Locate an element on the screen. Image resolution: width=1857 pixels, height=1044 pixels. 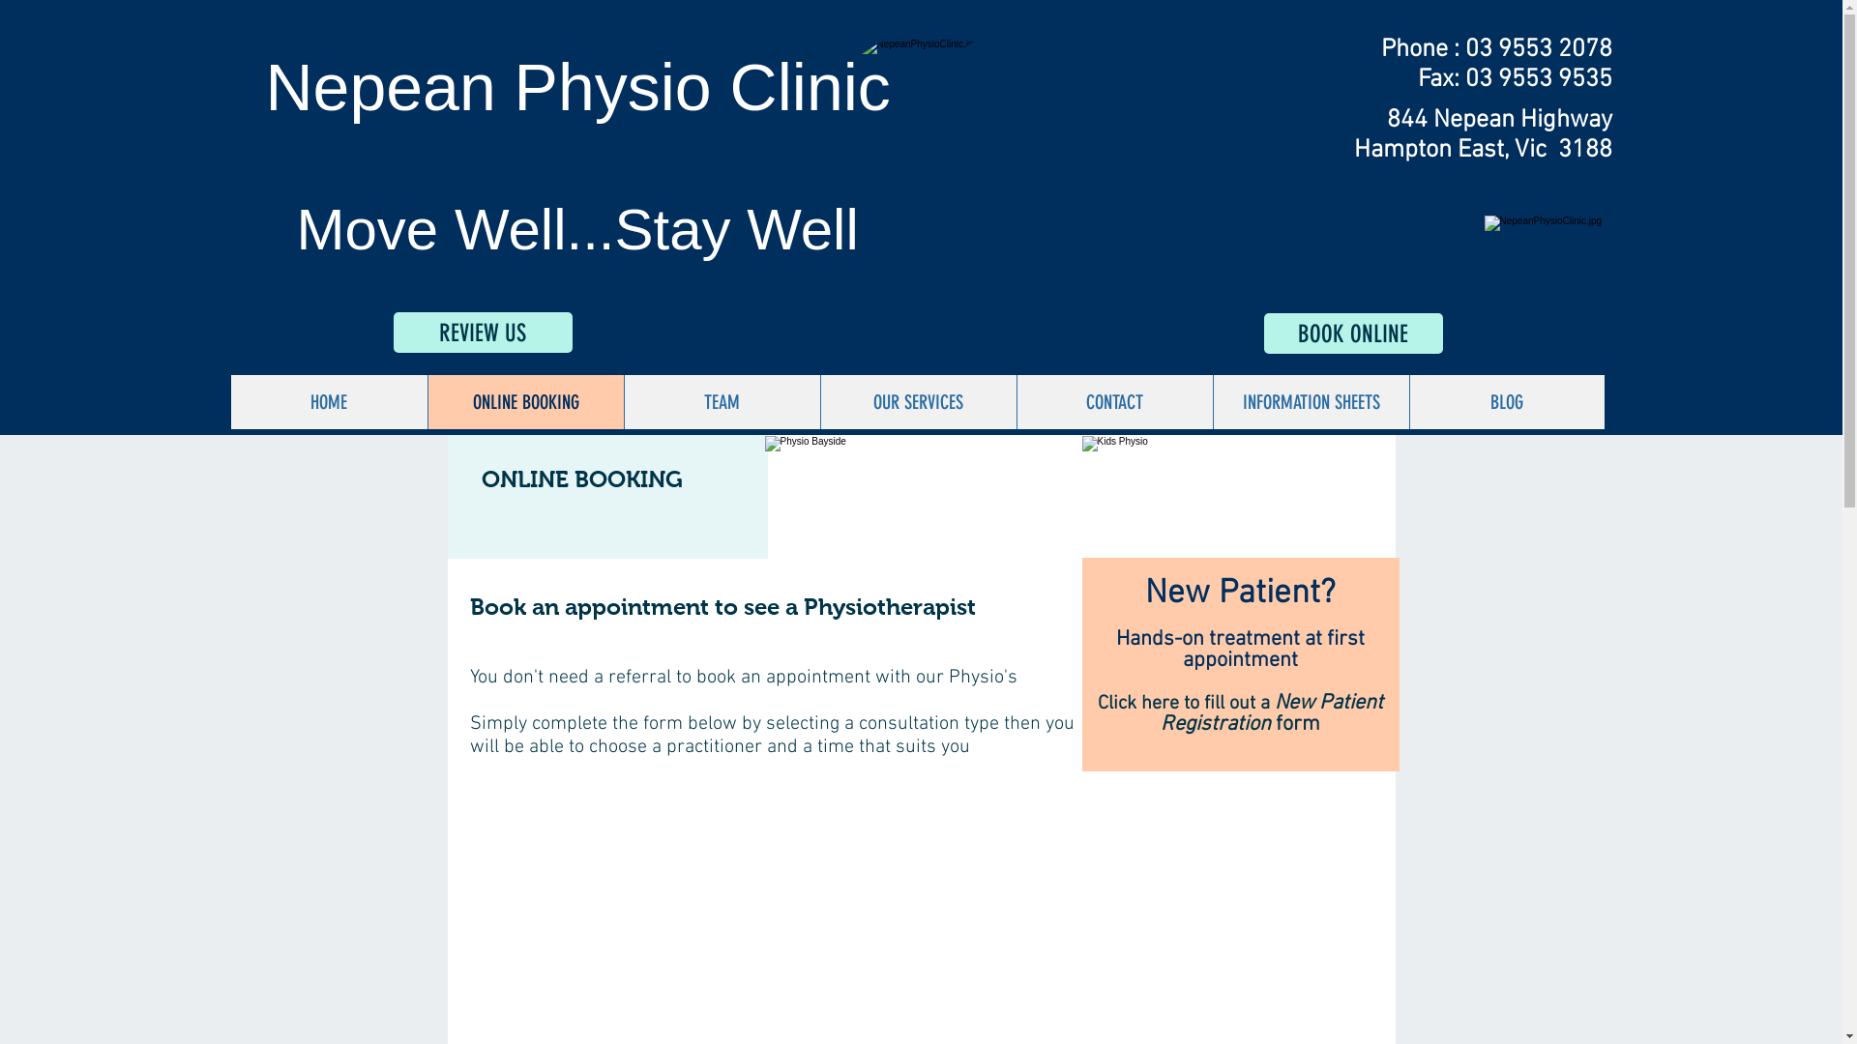
'BOOK ONLINE' is located at coordinates (1351, 332).